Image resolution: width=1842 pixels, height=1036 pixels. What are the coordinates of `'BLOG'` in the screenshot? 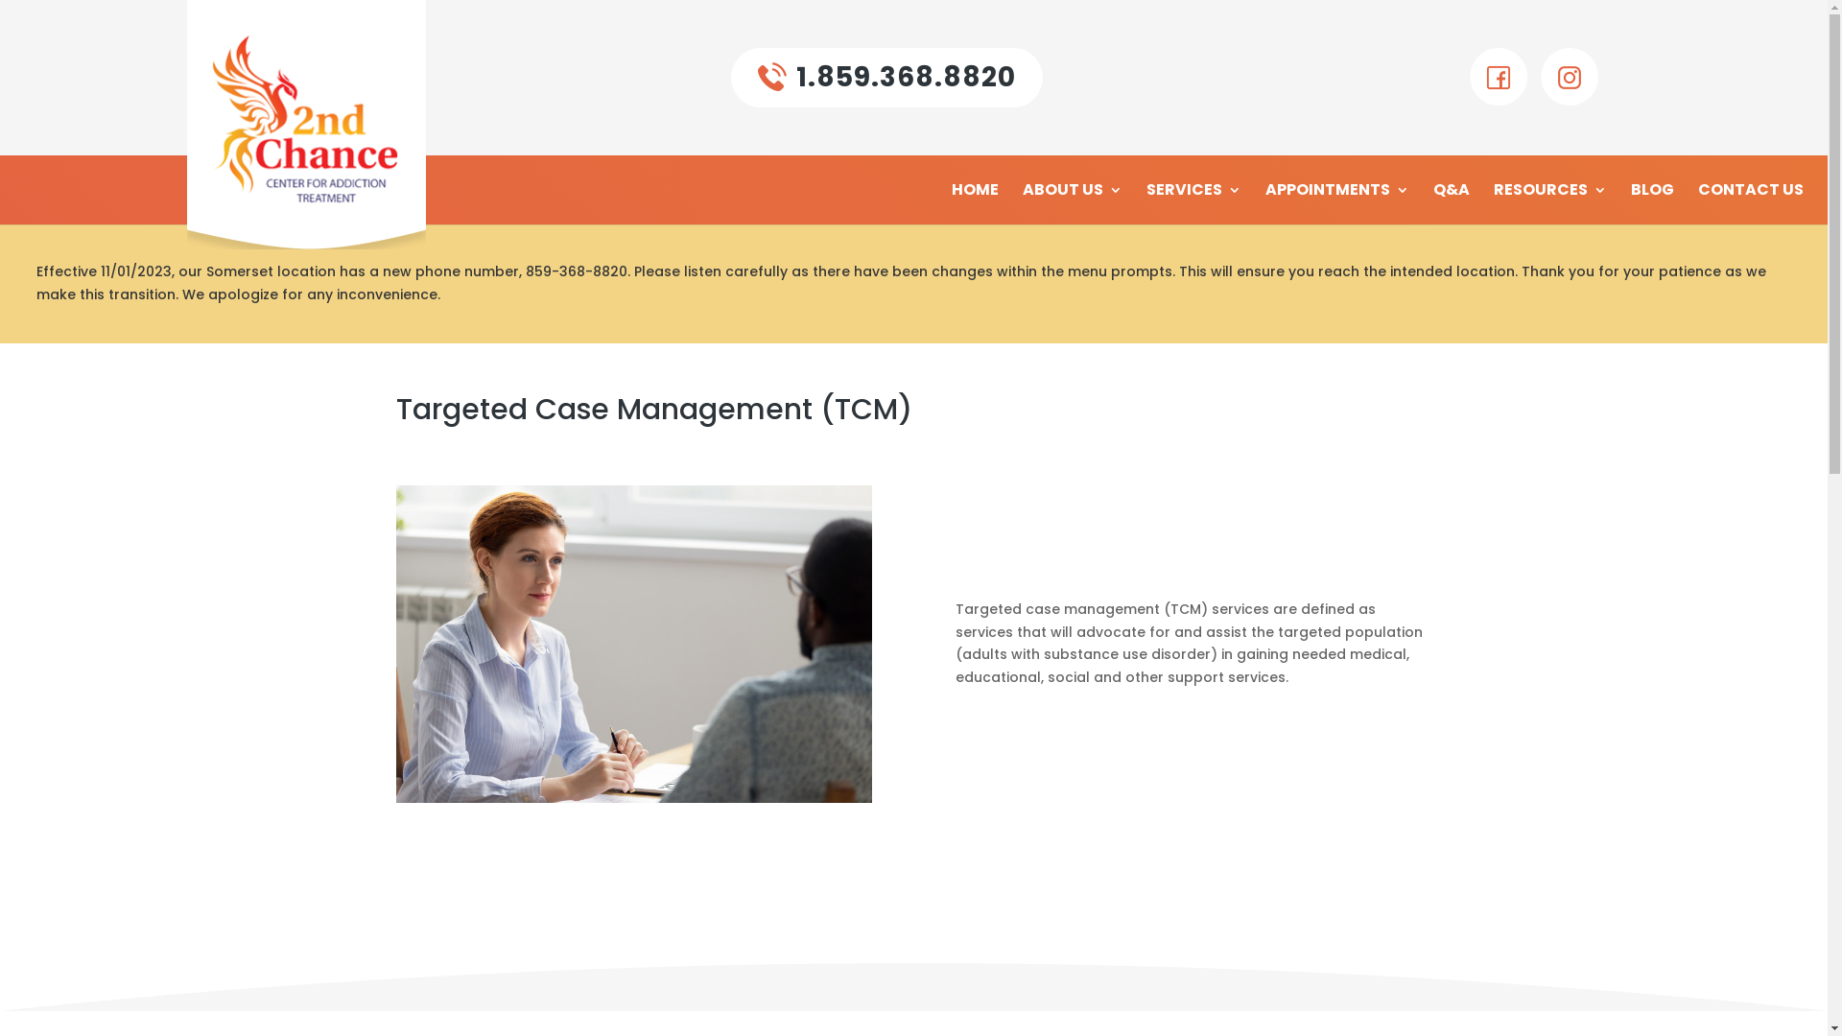 It's located at (1651, 203).